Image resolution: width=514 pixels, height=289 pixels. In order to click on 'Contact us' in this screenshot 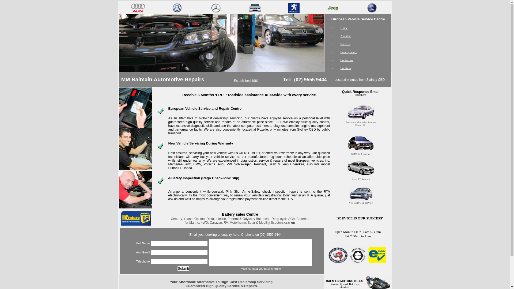, I will do `click(347, 60)`.